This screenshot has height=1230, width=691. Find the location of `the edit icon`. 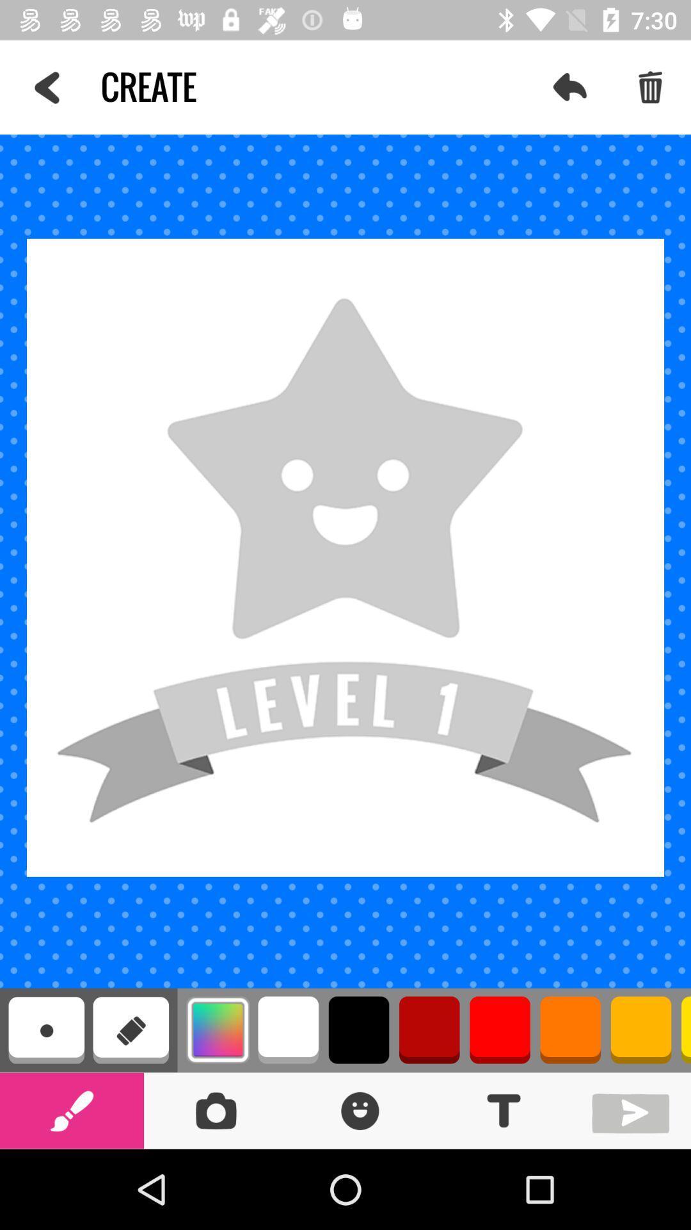

the edit icon is located at coordinates (72, 1110).